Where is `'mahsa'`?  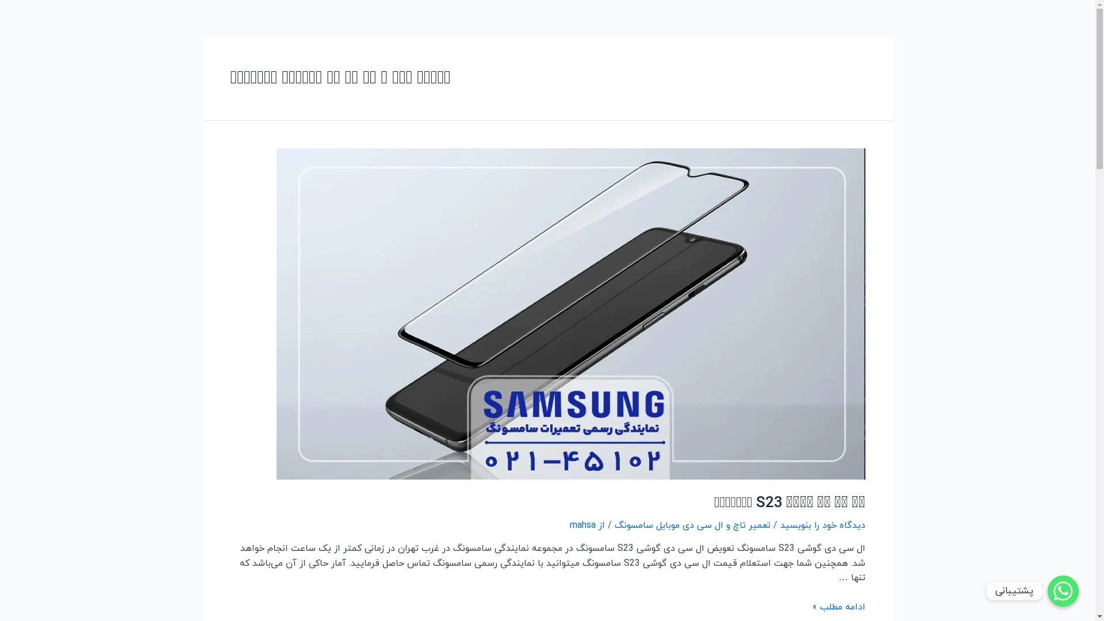 'mahsa' is located at coordinates (582, 526).